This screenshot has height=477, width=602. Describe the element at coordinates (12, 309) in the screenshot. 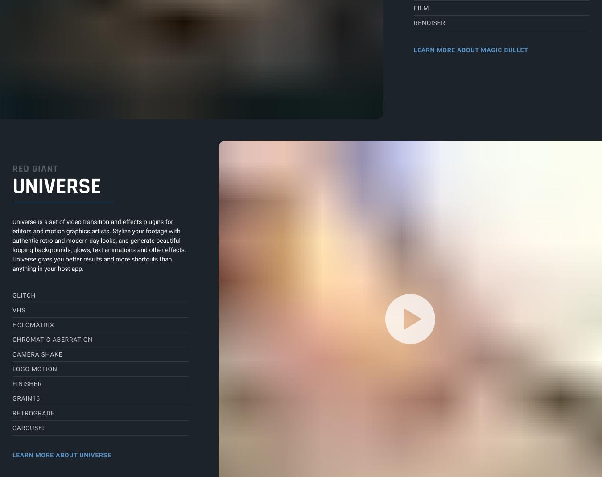

I see `'VHS'` at that location.